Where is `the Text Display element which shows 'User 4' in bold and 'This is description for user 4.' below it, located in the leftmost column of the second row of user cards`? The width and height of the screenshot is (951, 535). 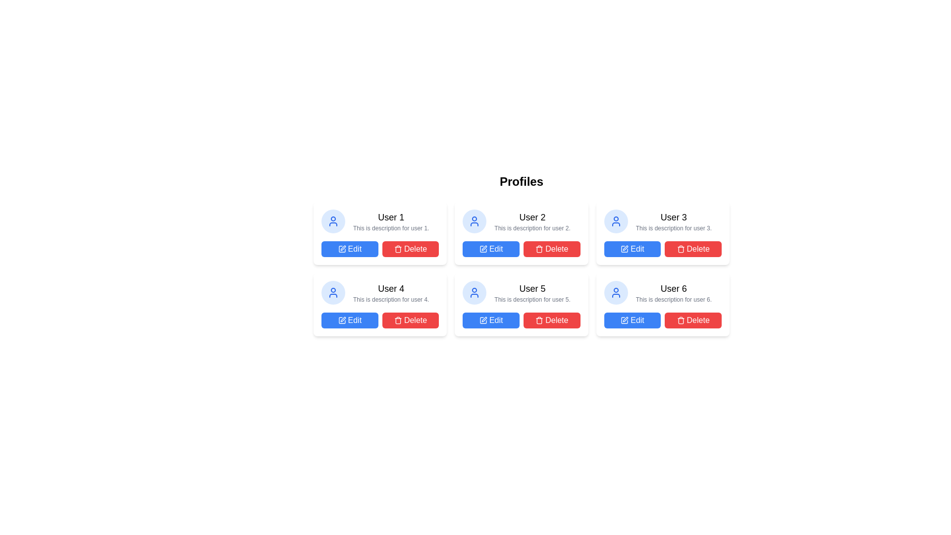
the Text Display element which shows 'User 4' in bold and 'This is description for user 4.' below it, located in the leftmost column of the second row of user cards is located at coordinates (390, 292).